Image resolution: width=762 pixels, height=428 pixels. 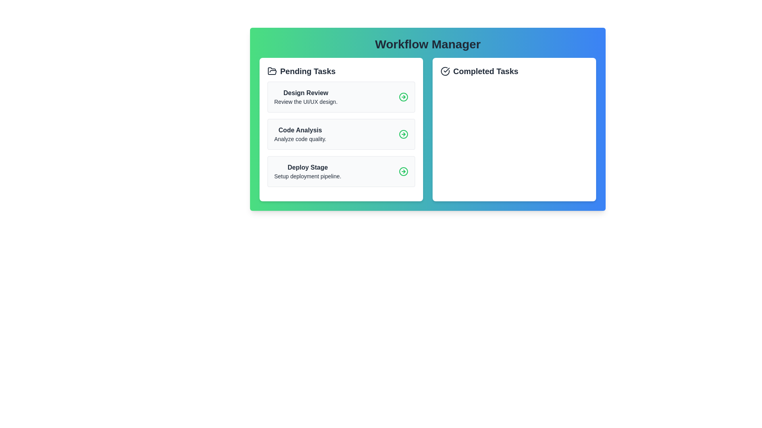 What do you see at coordinates (300, 134) in the screenshot?
I see `the second item in the 'Pending Tasks' list of the Workflow Manager interface, which displays information about the 'Code Analysis' task` at bounding box center [300, 134].